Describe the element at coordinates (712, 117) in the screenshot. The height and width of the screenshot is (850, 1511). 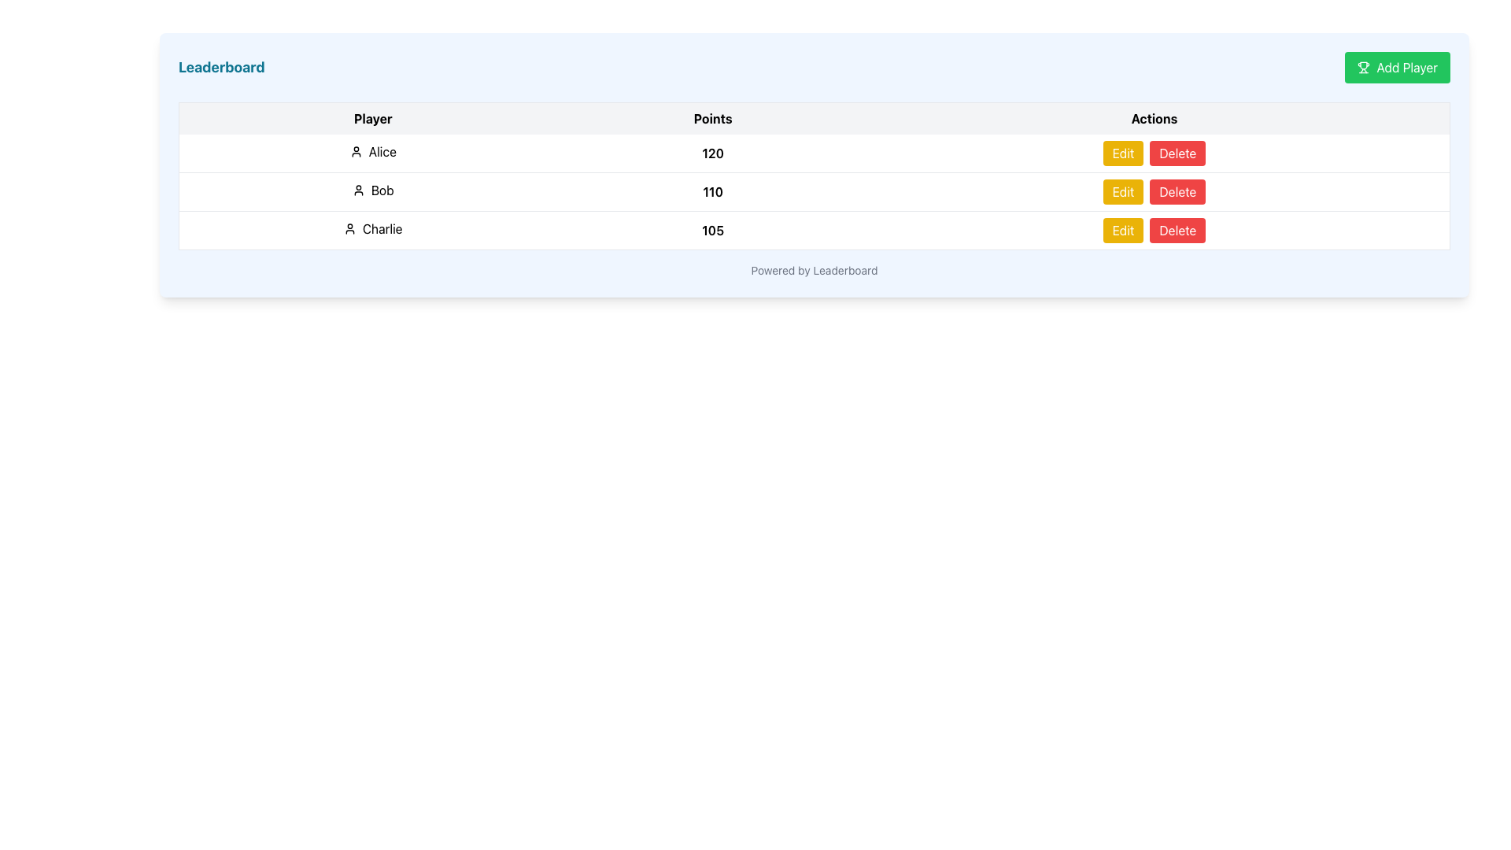
I see `the 'Points' text label located in the second column of the table's header row, which is styled in bold and centered alignment with a light gray background` at that location.